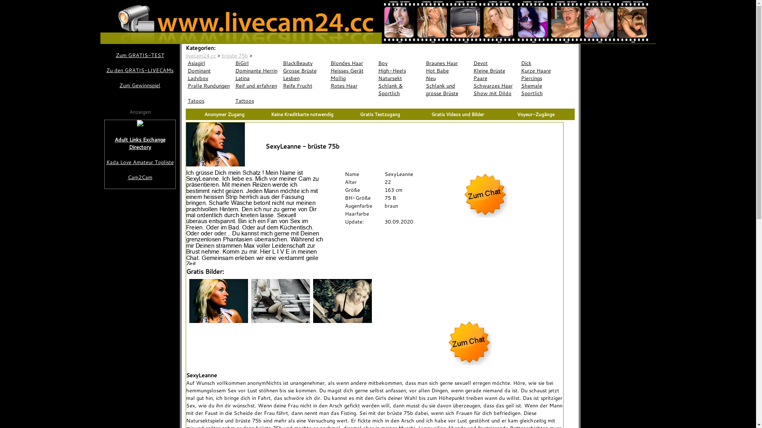 This screenshot has height=428, width=762. Describe the element at coordinates (139, 55) in the screenshot. I see `'Zum GRATIS-TEST'` at that location.